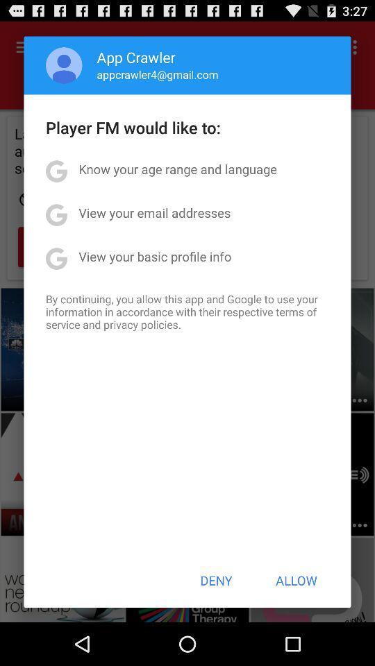 The height and width of the screenshot is (666, 375). Describe the element at coordinates (157, 74) in the screenshot. I see `the app below the app crawler` at that location.